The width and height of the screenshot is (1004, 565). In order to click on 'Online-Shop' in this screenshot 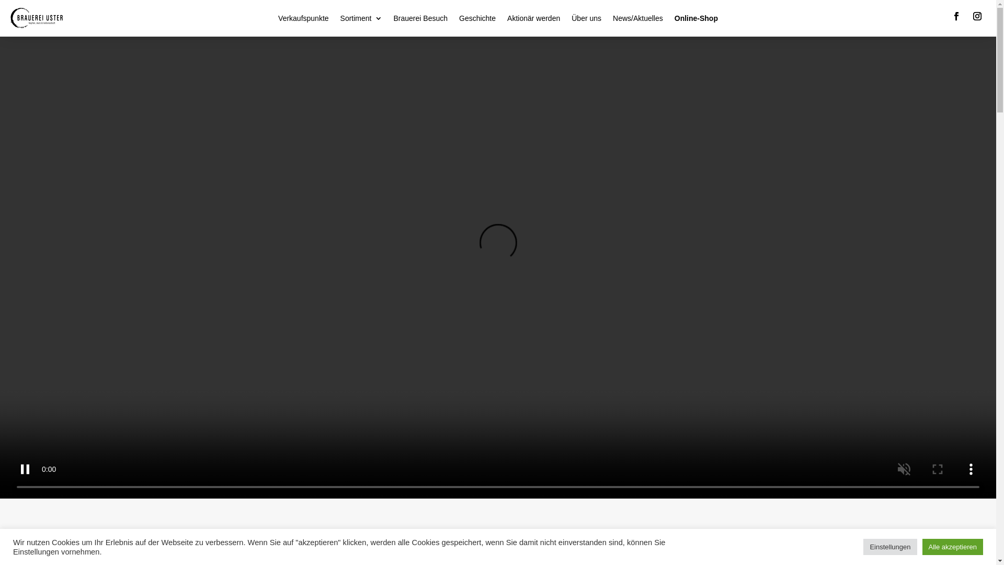, I will do `click(696, 20)`.